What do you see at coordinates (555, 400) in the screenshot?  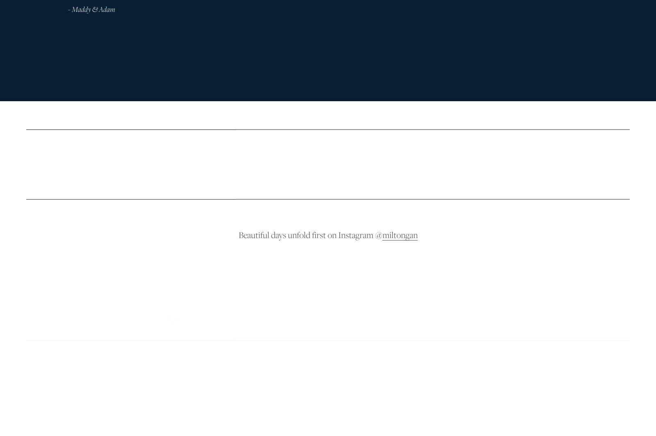 I see `'Skype: milton.gan'` at bounding box center [555, 400].